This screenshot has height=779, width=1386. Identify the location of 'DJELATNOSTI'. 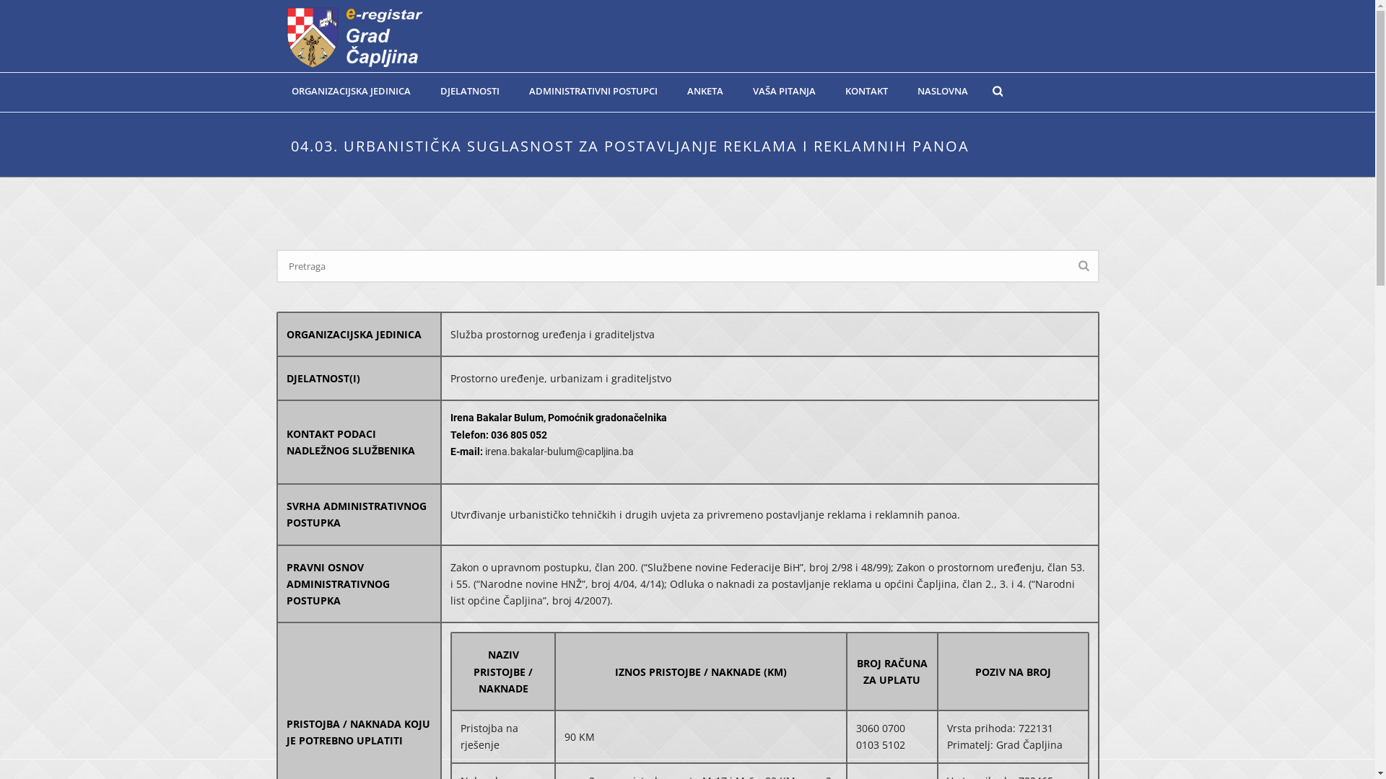
(470, 91).